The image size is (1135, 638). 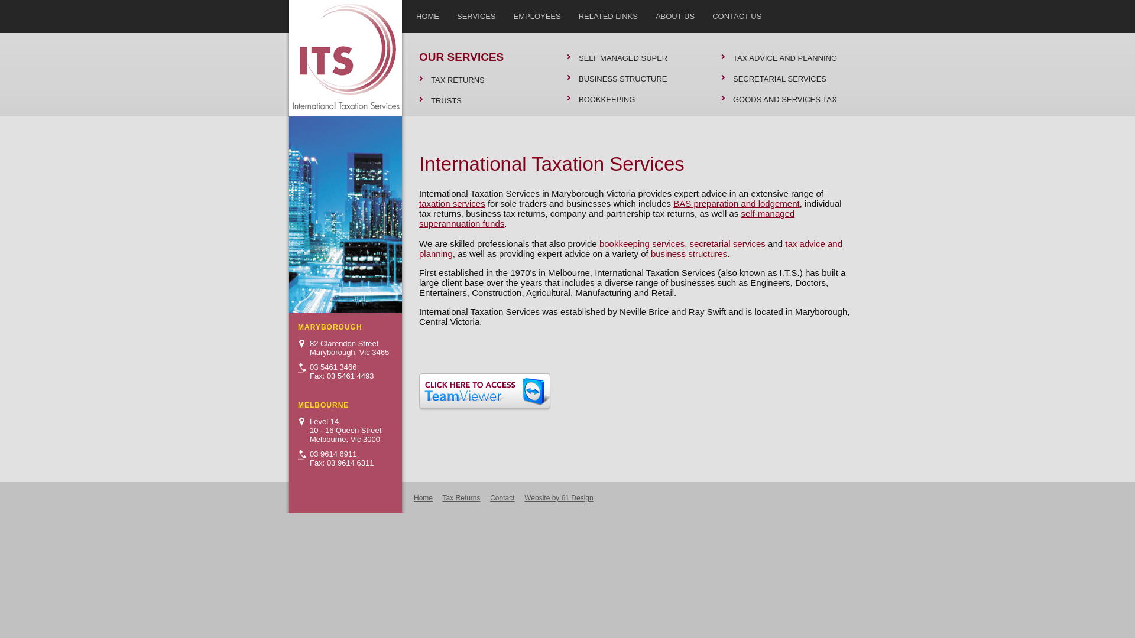 I want to click on 'taxation services', so click(x=451, y=203).